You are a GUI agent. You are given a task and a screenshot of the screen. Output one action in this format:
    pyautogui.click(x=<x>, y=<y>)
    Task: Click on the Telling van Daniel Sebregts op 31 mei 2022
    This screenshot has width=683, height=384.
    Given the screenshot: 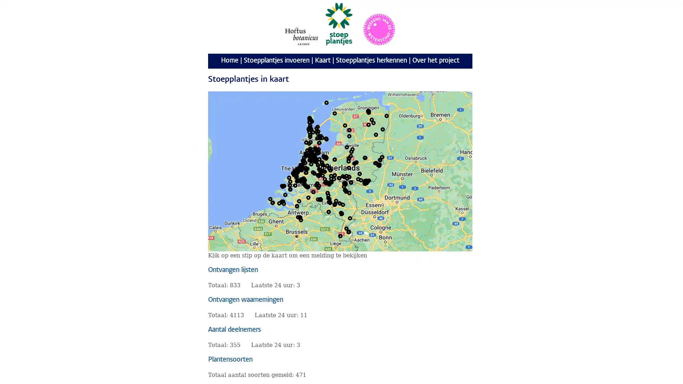 What is the action you would take?
    pyautogui.click(x=290, y=189)
    